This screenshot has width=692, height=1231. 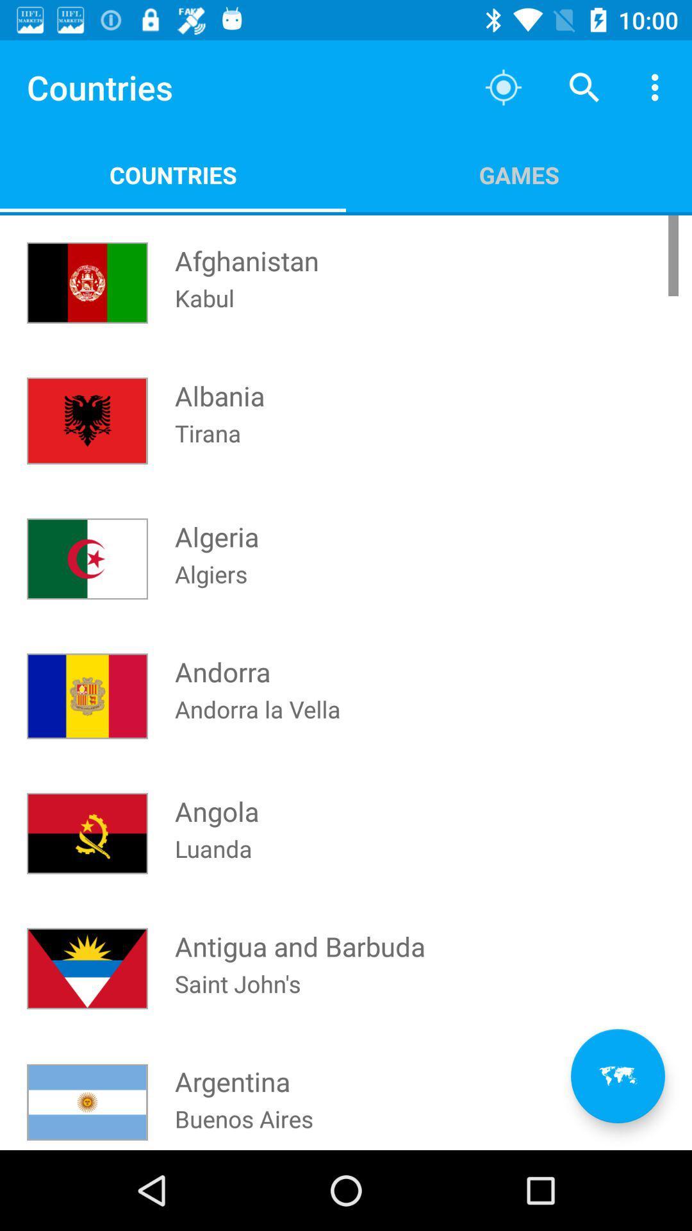 What do you see at coordinates (247, 249) in the screenshot?
I see `item next to the games` at bounding box center [247, 249].